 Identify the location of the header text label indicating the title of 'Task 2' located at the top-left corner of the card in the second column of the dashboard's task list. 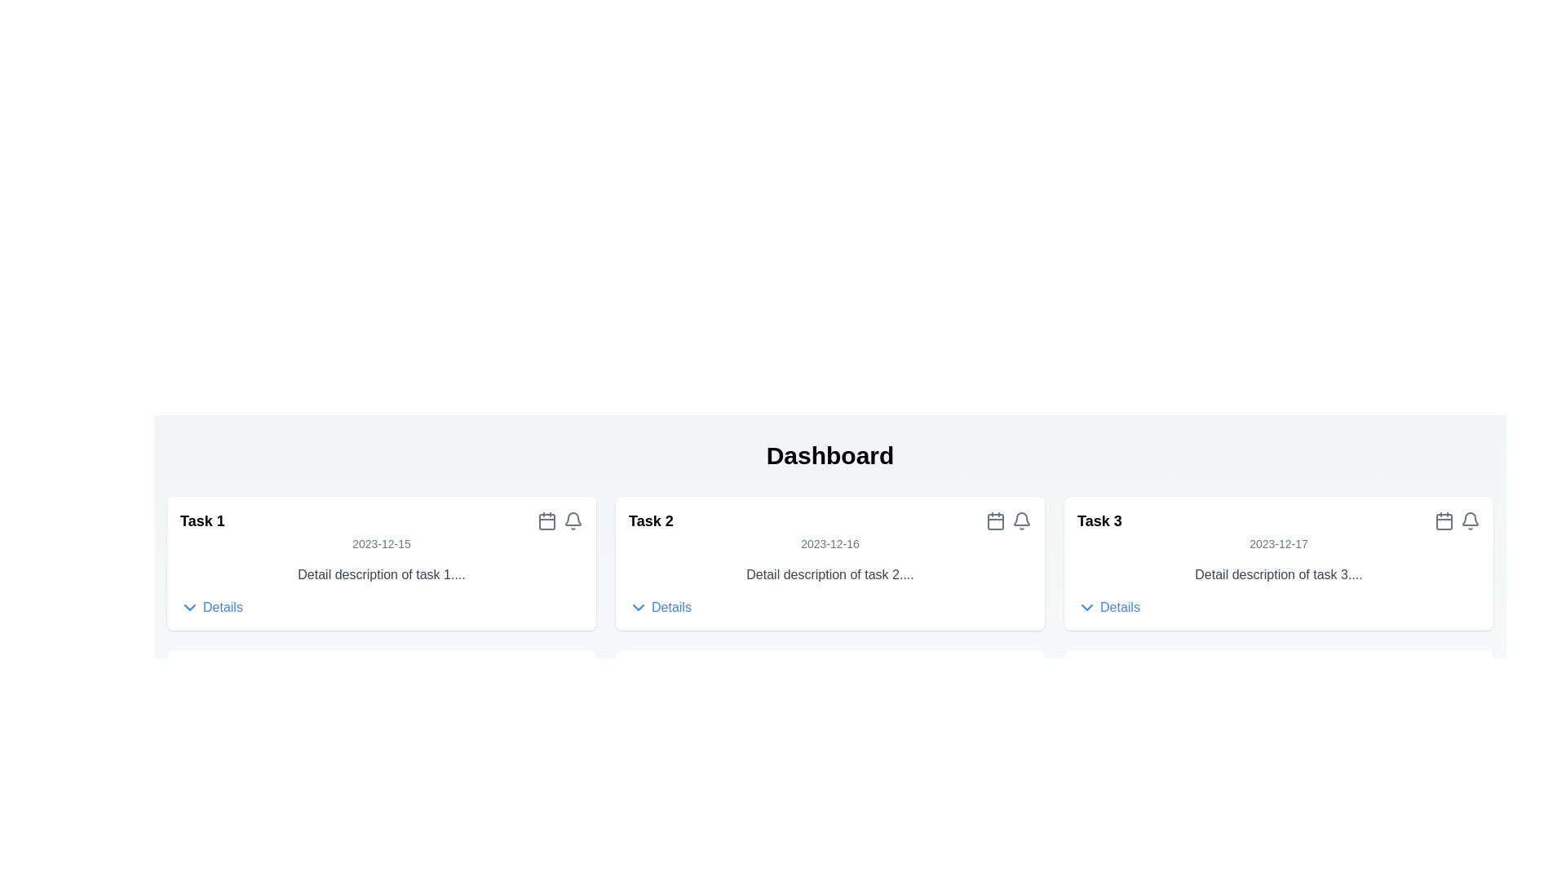
(650, 521).